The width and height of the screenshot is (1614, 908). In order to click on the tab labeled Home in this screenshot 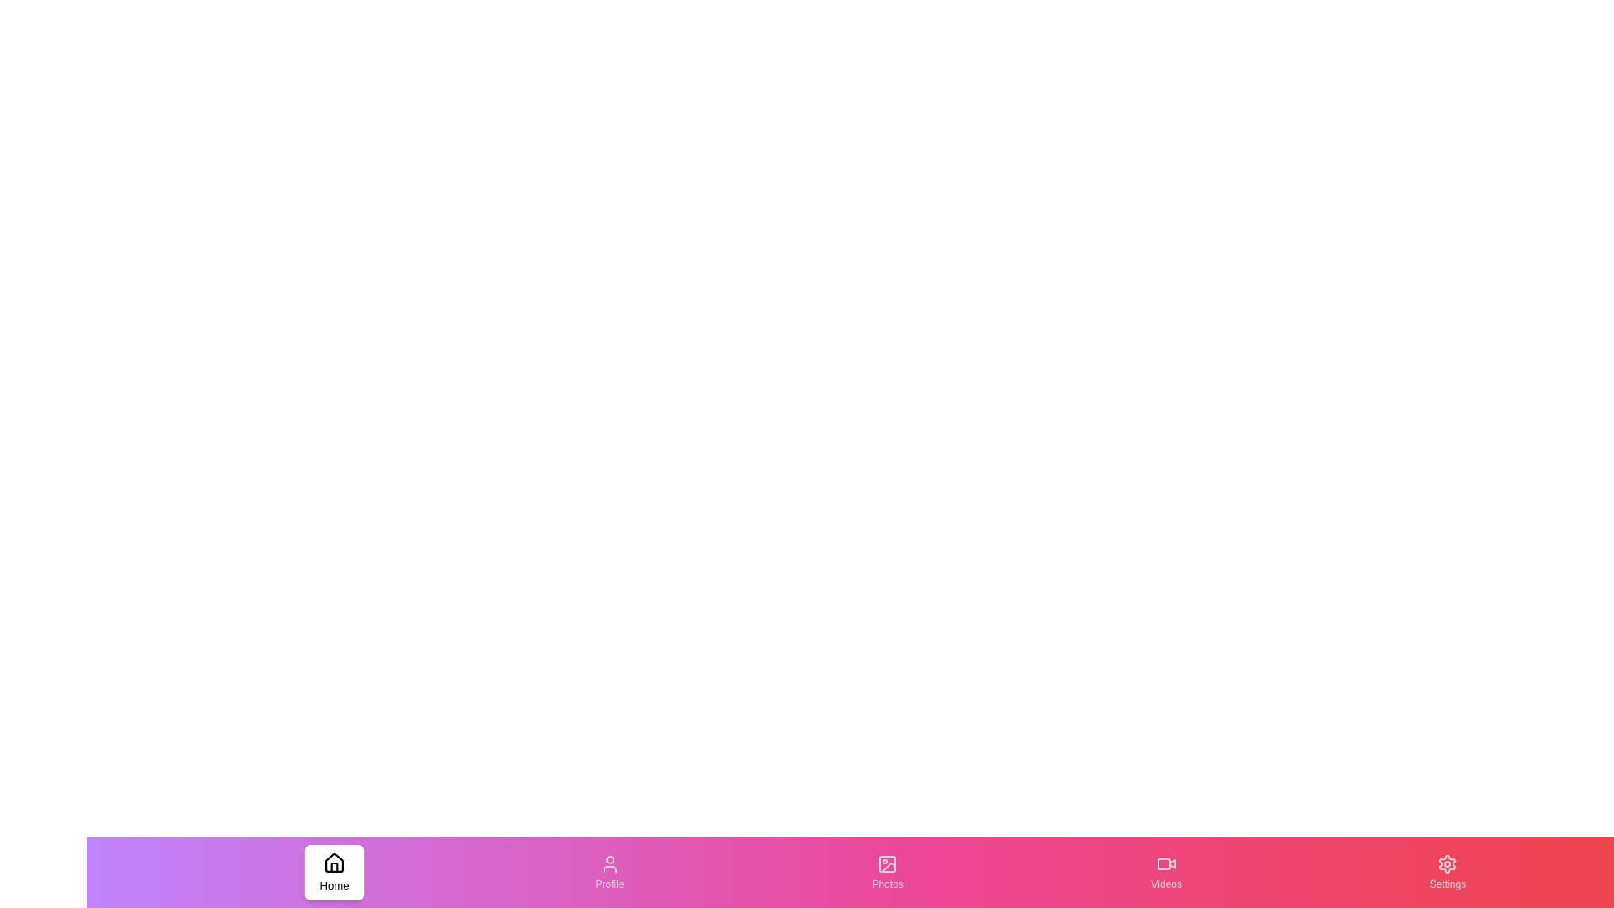, I will do `click(334, 871)`.